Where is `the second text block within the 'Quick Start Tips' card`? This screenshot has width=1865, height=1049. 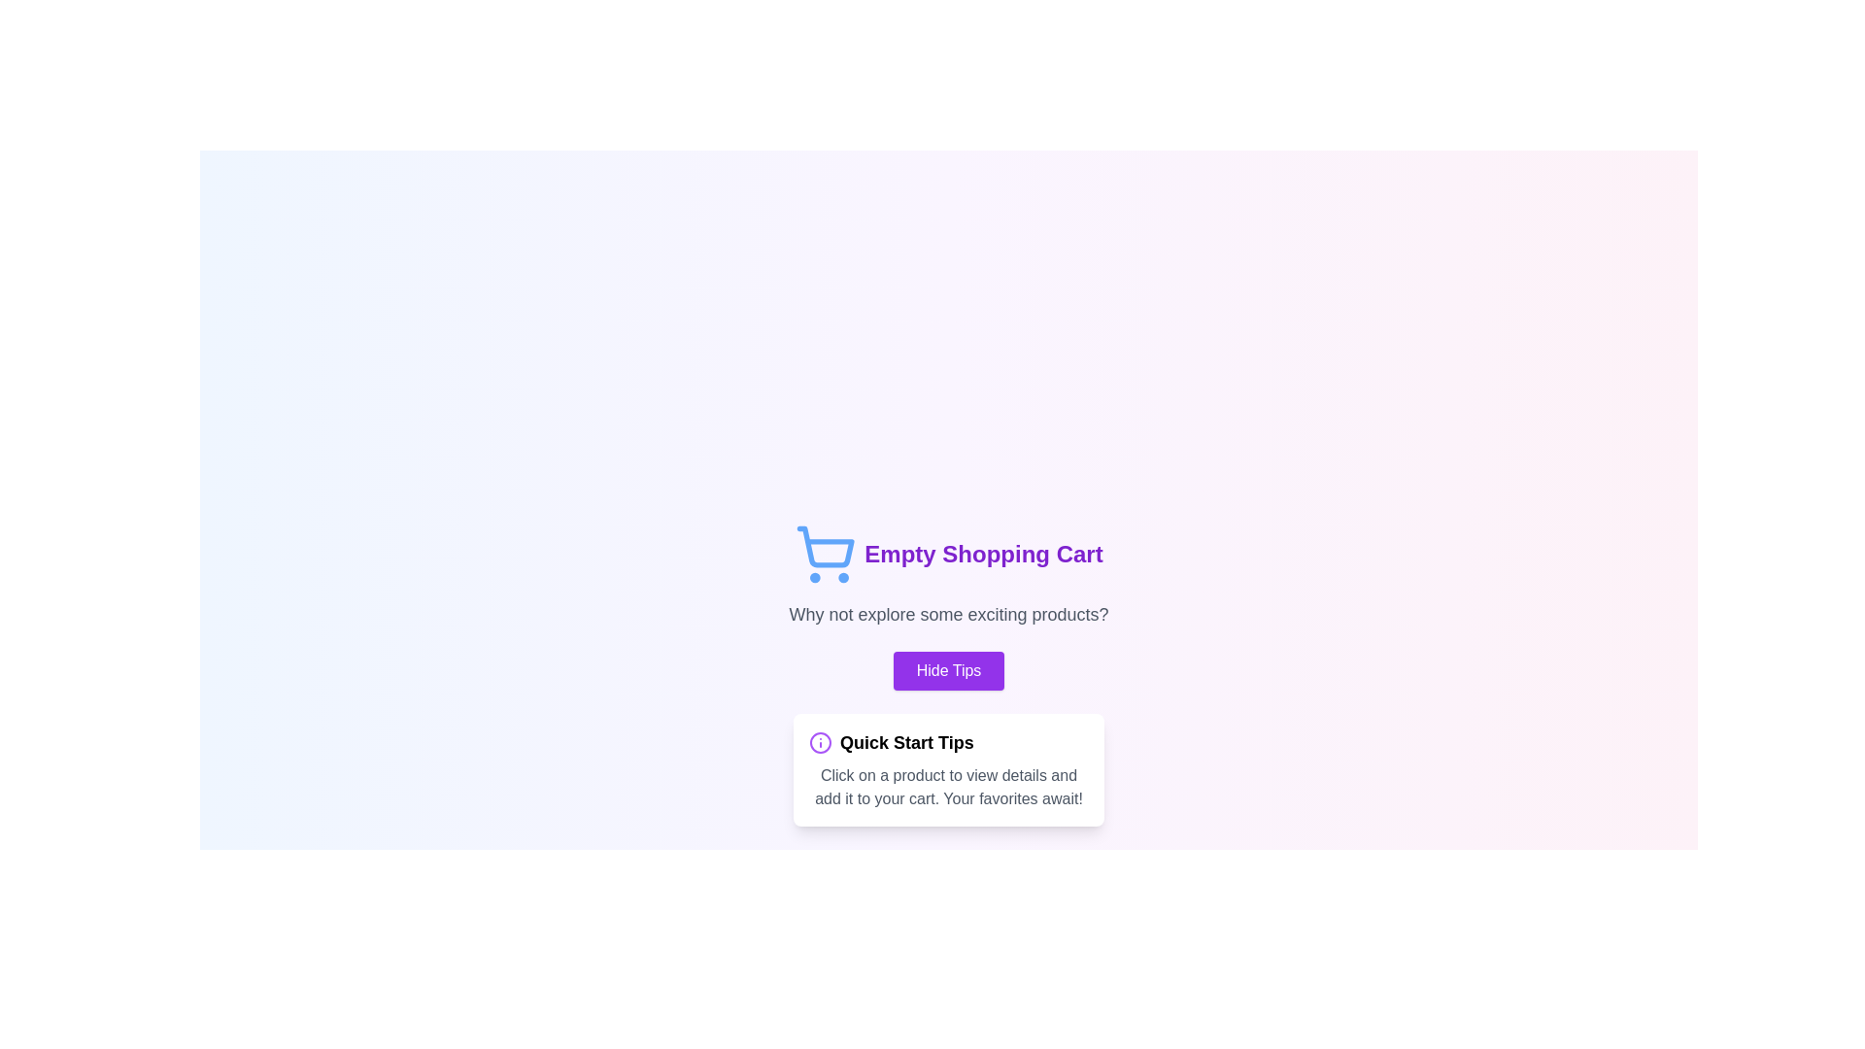 the second text block within the 'Quick Start Tips' card is located at coordinates (949, 787).